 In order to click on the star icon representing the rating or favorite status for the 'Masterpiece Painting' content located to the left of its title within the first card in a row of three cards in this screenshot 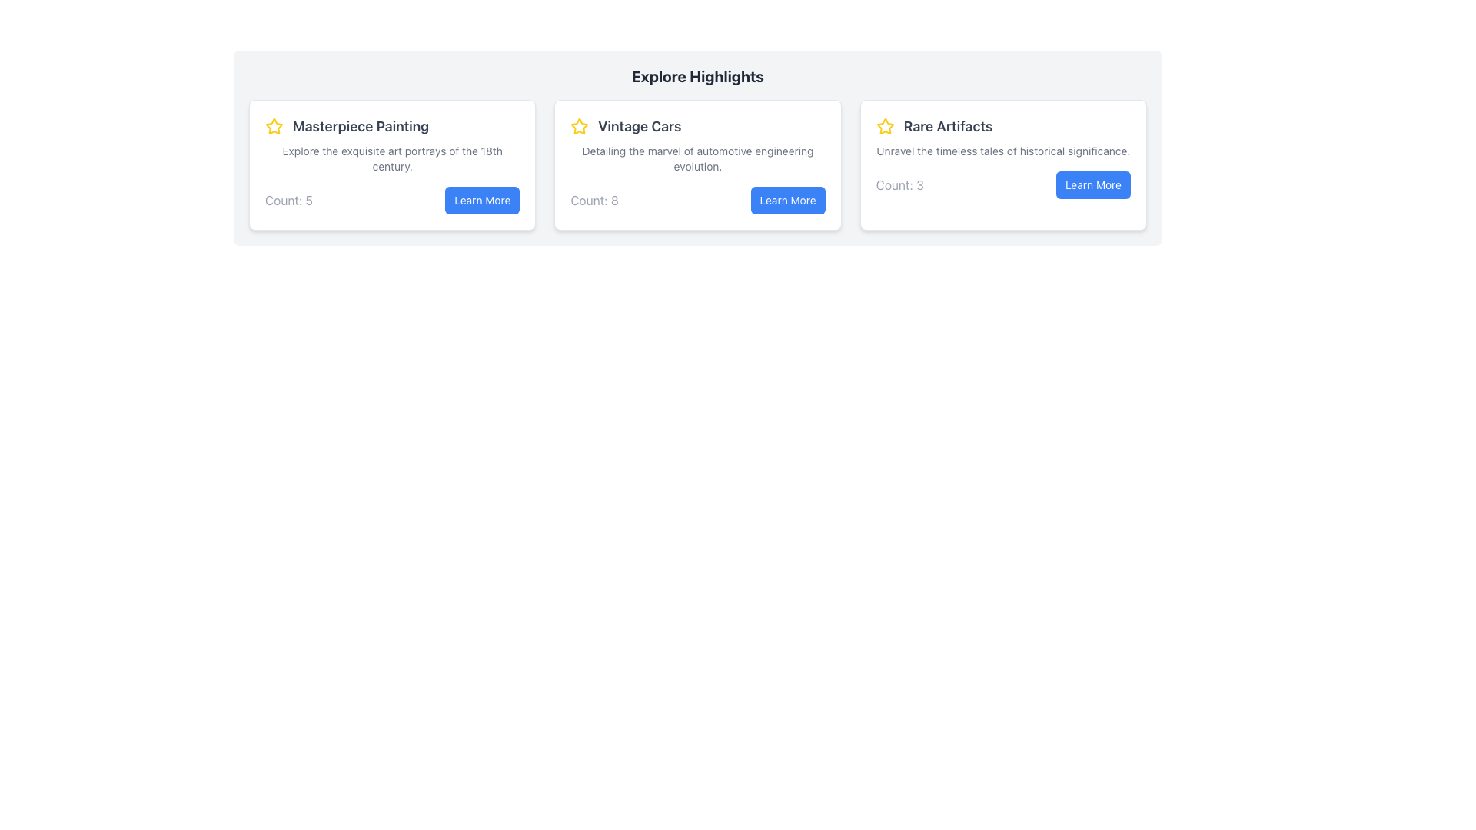, I will do `click(274, 126)`.